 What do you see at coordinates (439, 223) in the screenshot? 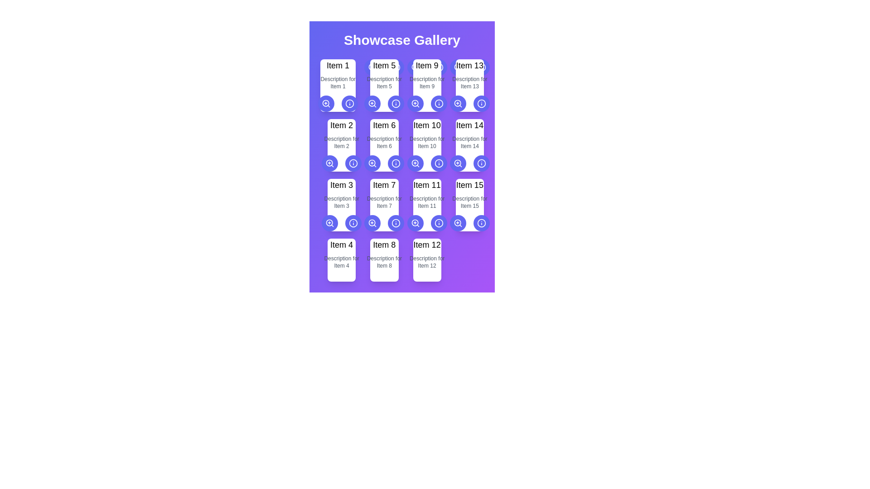
I see `the central circular outline of the 'information' icon associated with the card labeled 'Item 11' in the grid, located at the third row and third column` at bounding box center [439, 223].